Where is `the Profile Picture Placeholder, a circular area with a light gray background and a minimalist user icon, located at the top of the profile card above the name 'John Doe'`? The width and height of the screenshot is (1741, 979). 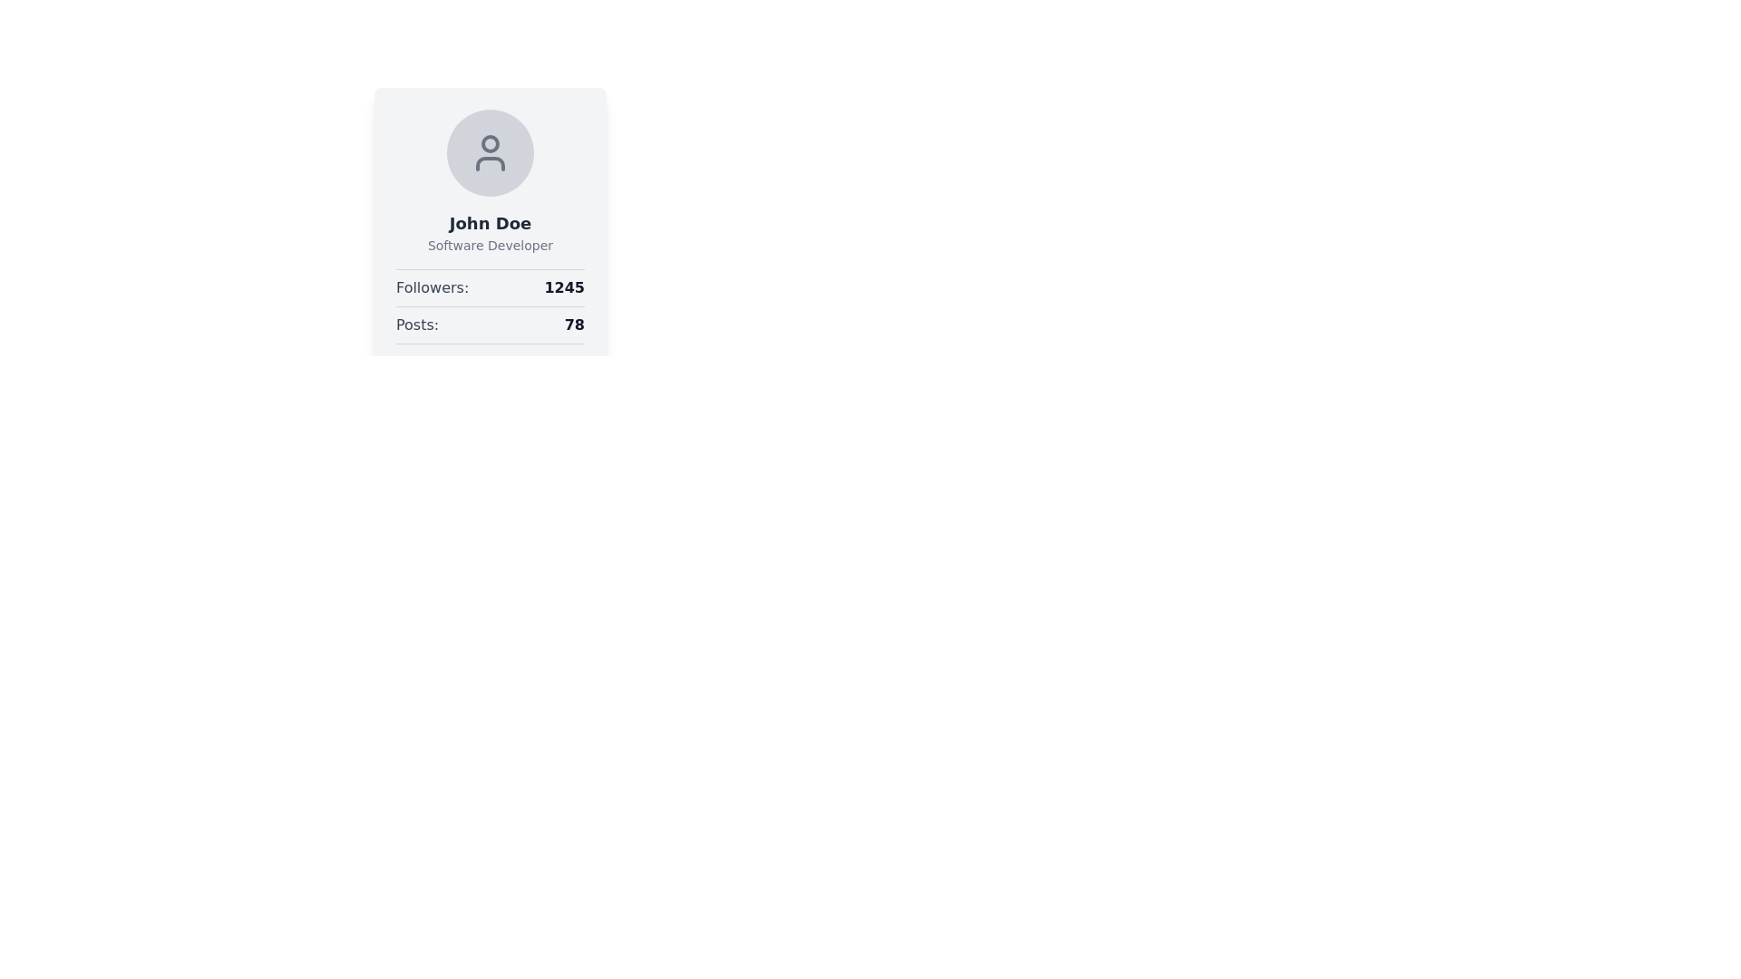
the Profile Picture Placeholder, a circular area with a light gray background and a minimalist user icon, located at the top of the profile card above the name 'John Doe' is located at coordinates (491, 152).